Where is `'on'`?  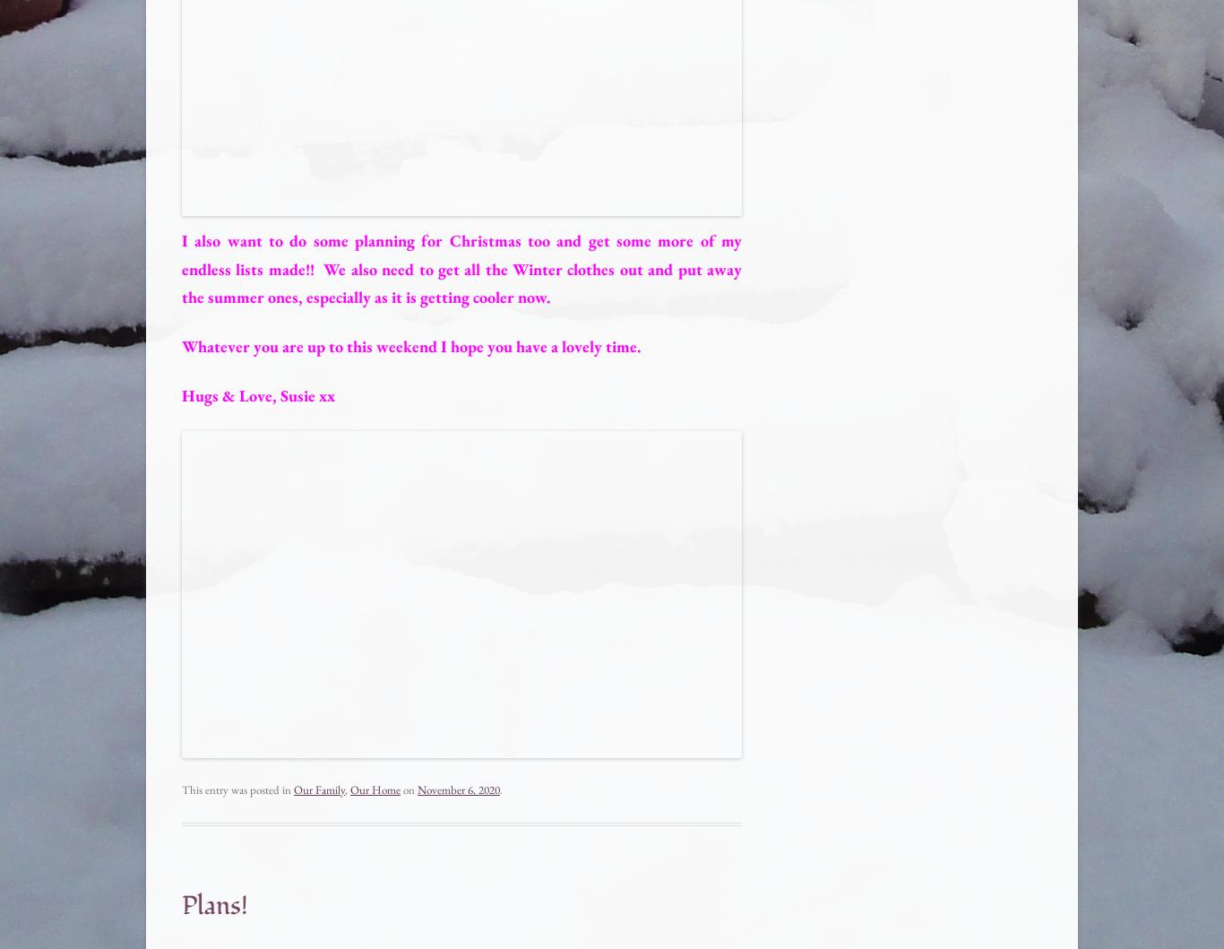 'on' is located at coordinates (409, 789).